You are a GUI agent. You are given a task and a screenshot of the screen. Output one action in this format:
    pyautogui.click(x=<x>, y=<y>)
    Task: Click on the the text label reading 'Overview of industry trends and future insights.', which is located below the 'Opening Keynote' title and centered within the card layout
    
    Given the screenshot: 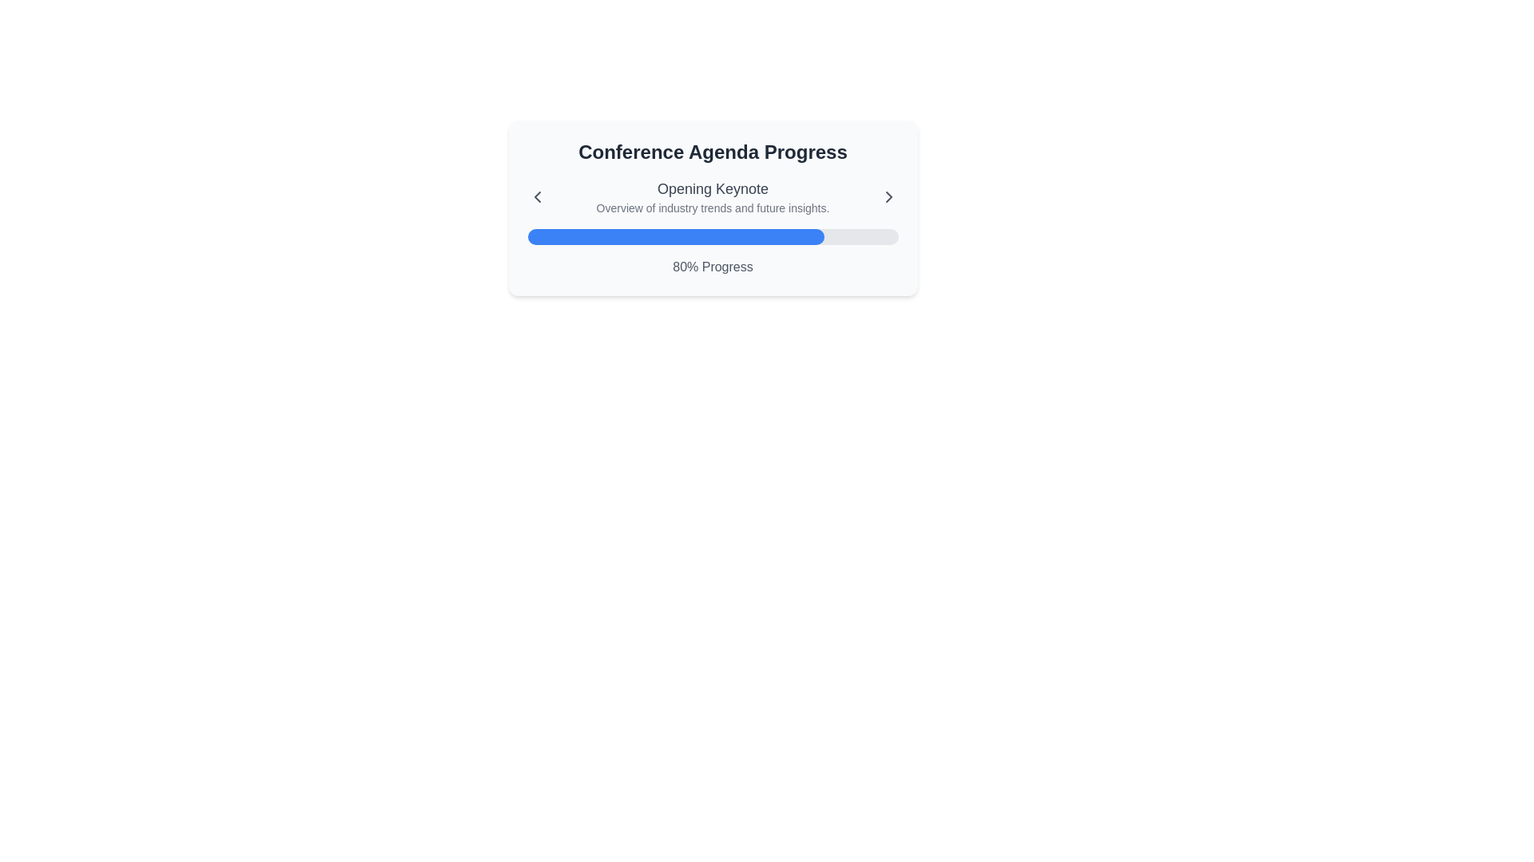 What is the action you would take?
    pyautogui.click(x=712, y=208)
    